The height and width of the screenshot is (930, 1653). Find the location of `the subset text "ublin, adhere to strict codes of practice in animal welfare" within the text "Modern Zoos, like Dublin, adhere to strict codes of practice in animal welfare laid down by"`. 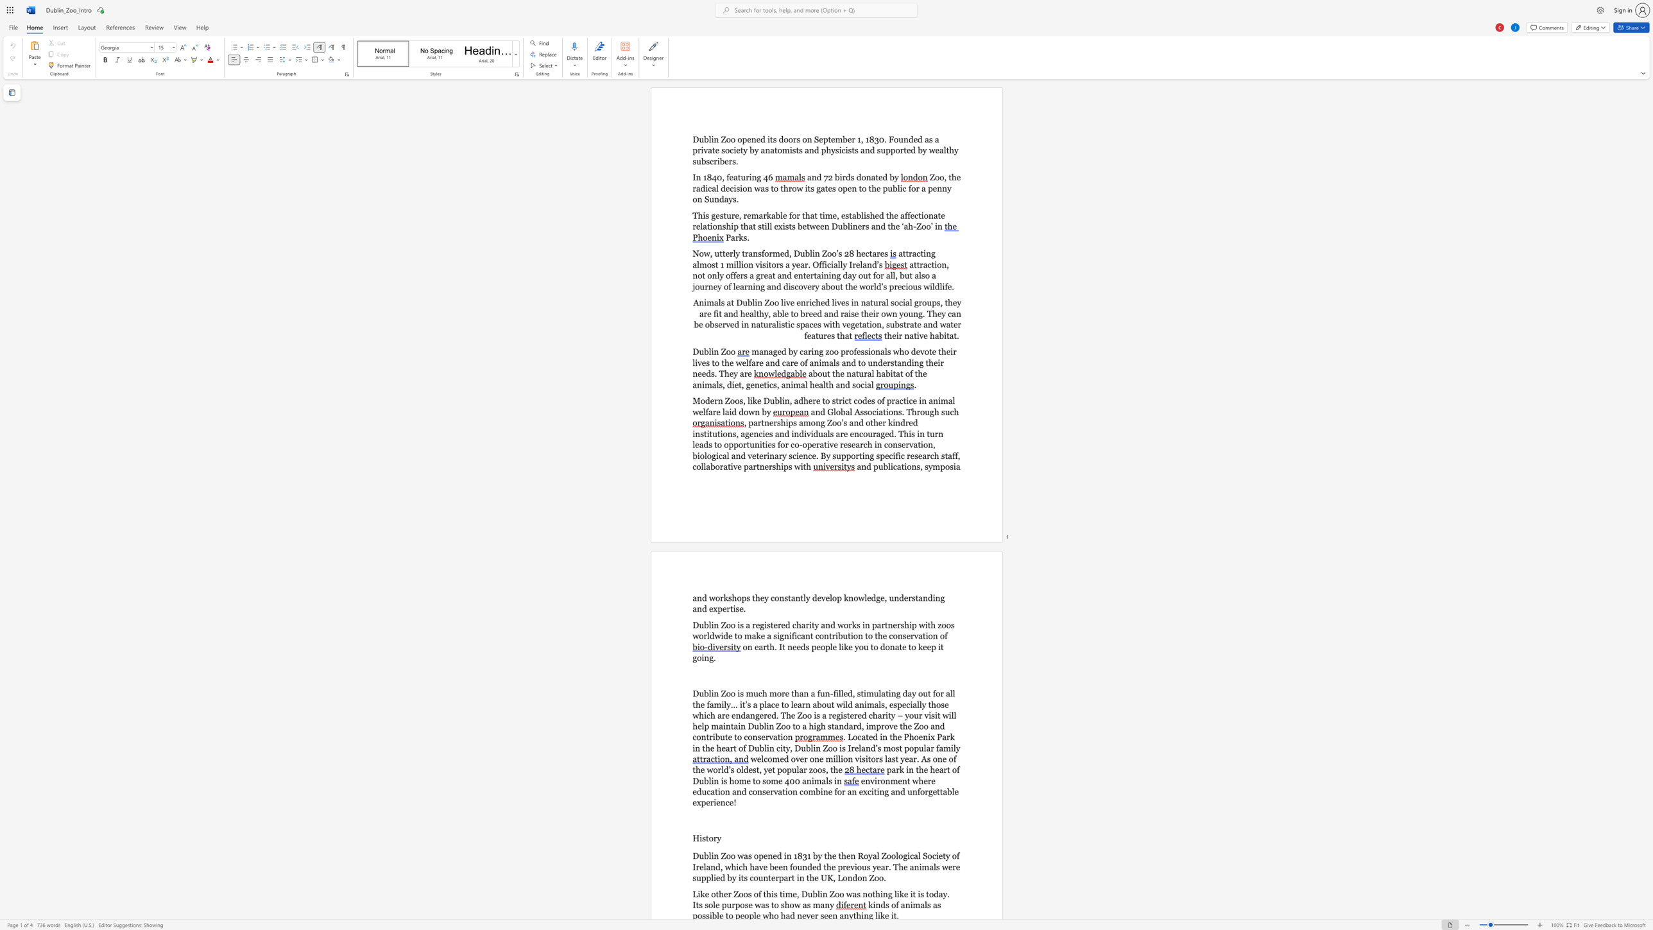

the subset text "ublin, adhere to strict codes of practice in animal welfare" within the text "Modern Zoos, like Dublin, adhere to strict codes of practice in animal welfare laid down by" is located at coordinates (769, 400).